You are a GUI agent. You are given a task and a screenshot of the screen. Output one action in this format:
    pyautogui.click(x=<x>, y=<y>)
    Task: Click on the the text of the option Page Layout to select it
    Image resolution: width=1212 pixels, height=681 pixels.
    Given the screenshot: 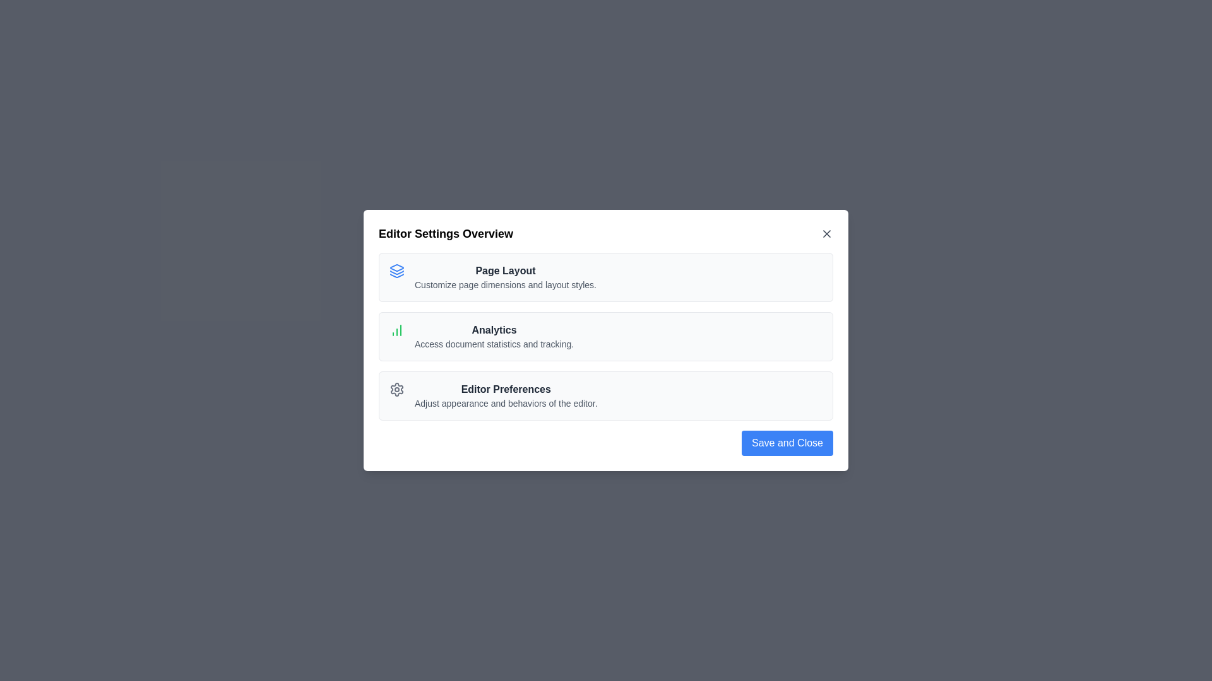 What is the action you would take?
    pyautogui.click(x=505, y=270)
    